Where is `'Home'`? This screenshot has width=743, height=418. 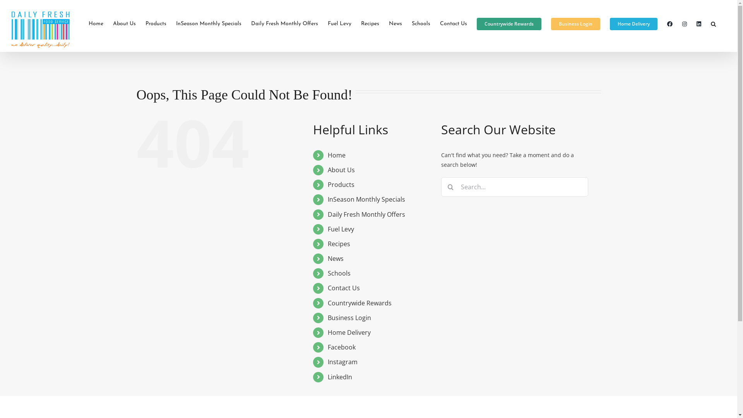
'Home' is located at coordinates (96, 23).